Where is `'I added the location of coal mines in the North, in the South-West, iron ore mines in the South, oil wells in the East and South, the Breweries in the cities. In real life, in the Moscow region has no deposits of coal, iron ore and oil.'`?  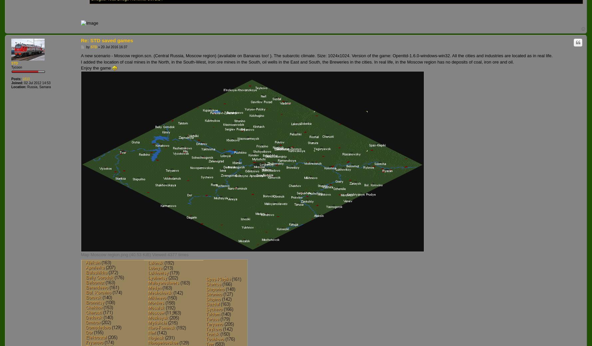
'I added the location of coal mines in the North, in the South-West, iron ore mines in the South, oil wells in the East and South, the Breweries in the cities. In real life, in the Moscow region has no deposits of coal, iron ore and oil.' is located at coordinates (297, 62).